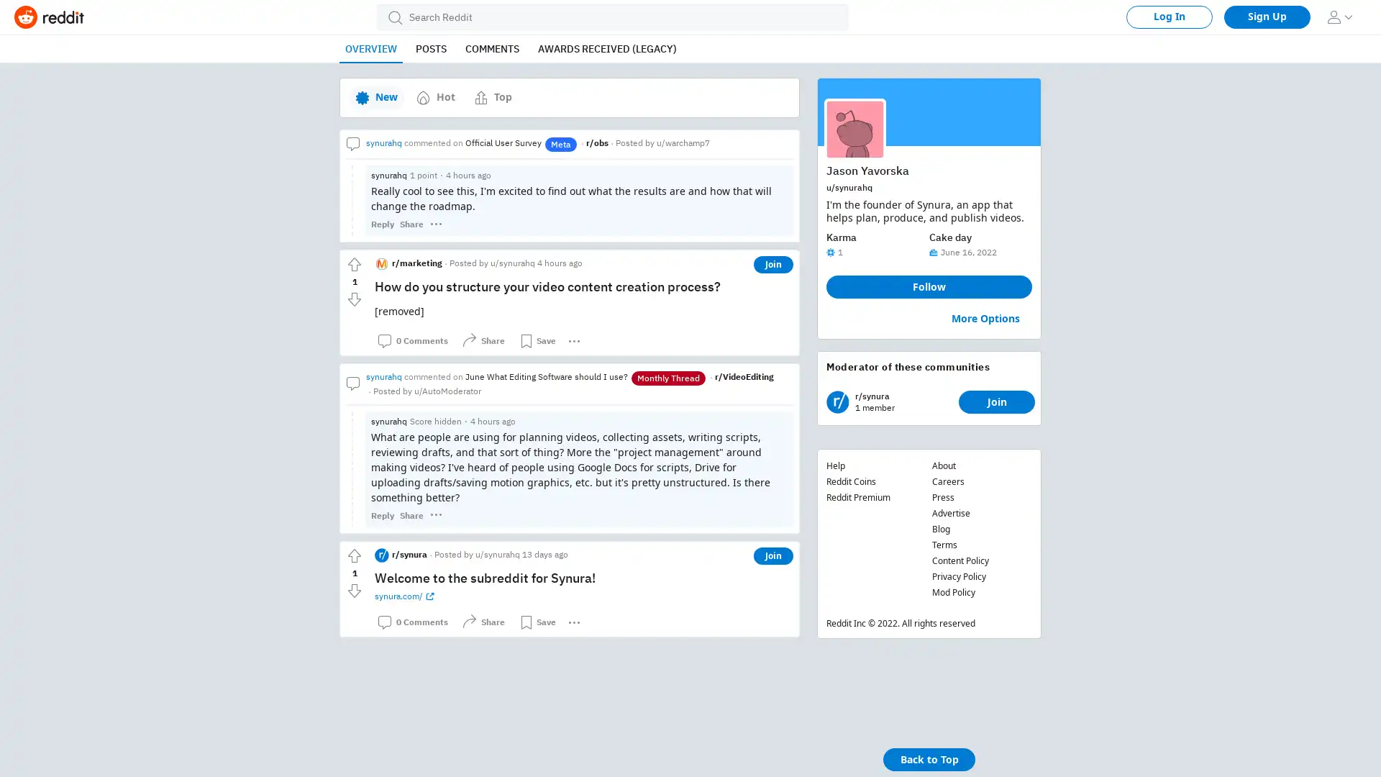  I want to click on Join, so click(996, 402).